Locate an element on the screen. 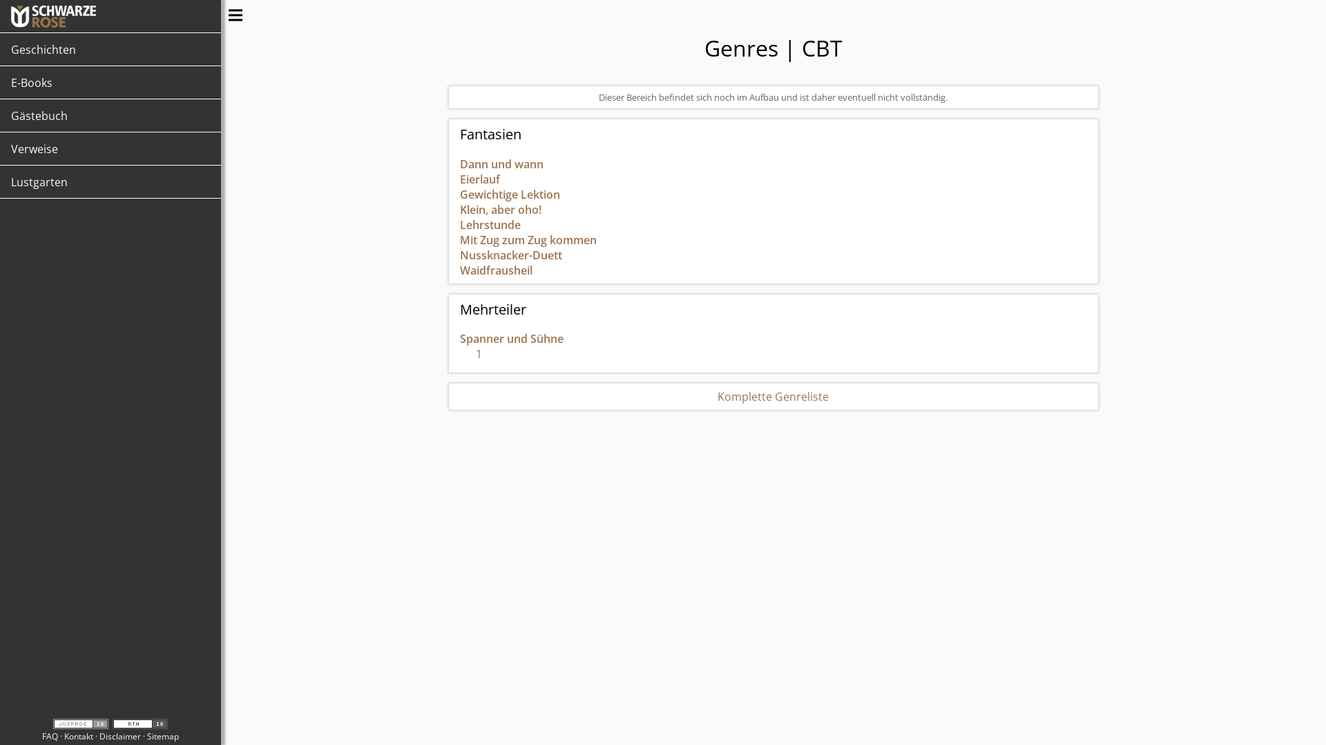 The image size is (1326, 745). 'Kontakt' is located at coordinates (78, 735).